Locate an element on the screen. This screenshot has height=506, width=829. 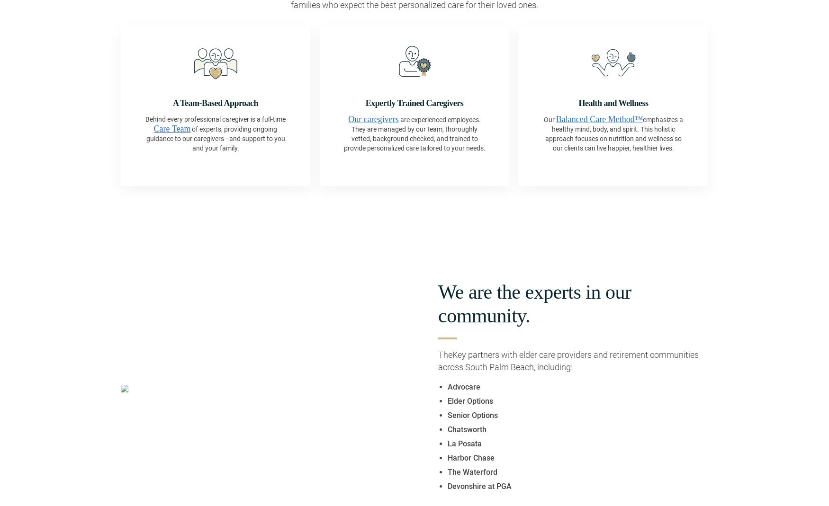
'Our' is located at coordinates (549, 118).